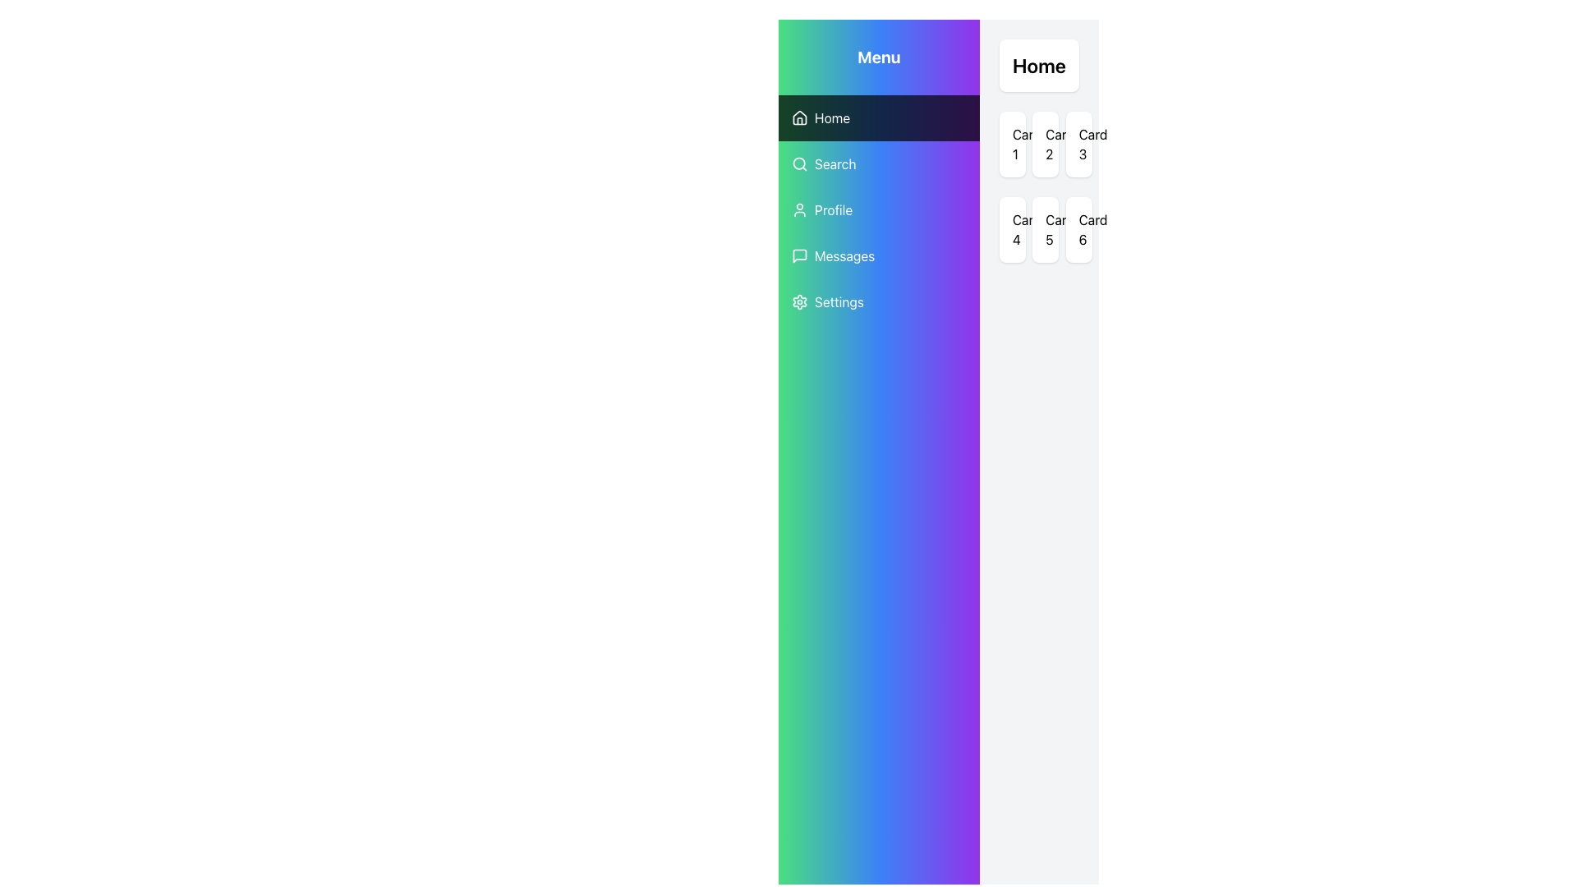  I want to click on the 'Settings' icon located in the bottom section of the vertical gradient menu bar, positioned to the left of the 'Settings' label, which is the fifth item in the menu list, so click(800, 301).